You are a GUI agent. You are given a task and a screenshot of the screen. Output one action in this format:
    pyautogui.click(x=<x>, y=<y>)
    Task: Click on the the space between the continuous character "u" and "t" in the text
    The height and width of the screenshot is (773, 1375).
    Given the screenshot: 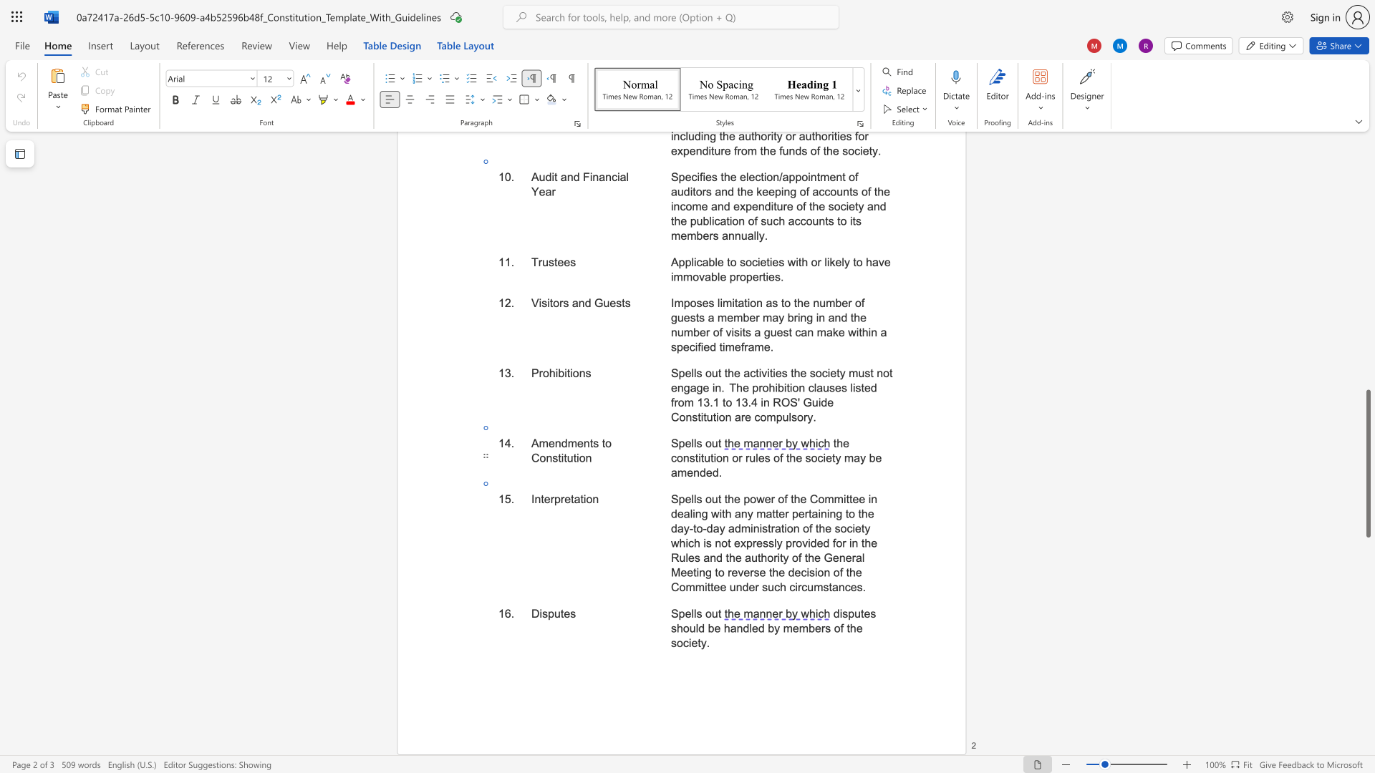 What is the action you would take?
    pyautogui.click(x=717, y=442)
    